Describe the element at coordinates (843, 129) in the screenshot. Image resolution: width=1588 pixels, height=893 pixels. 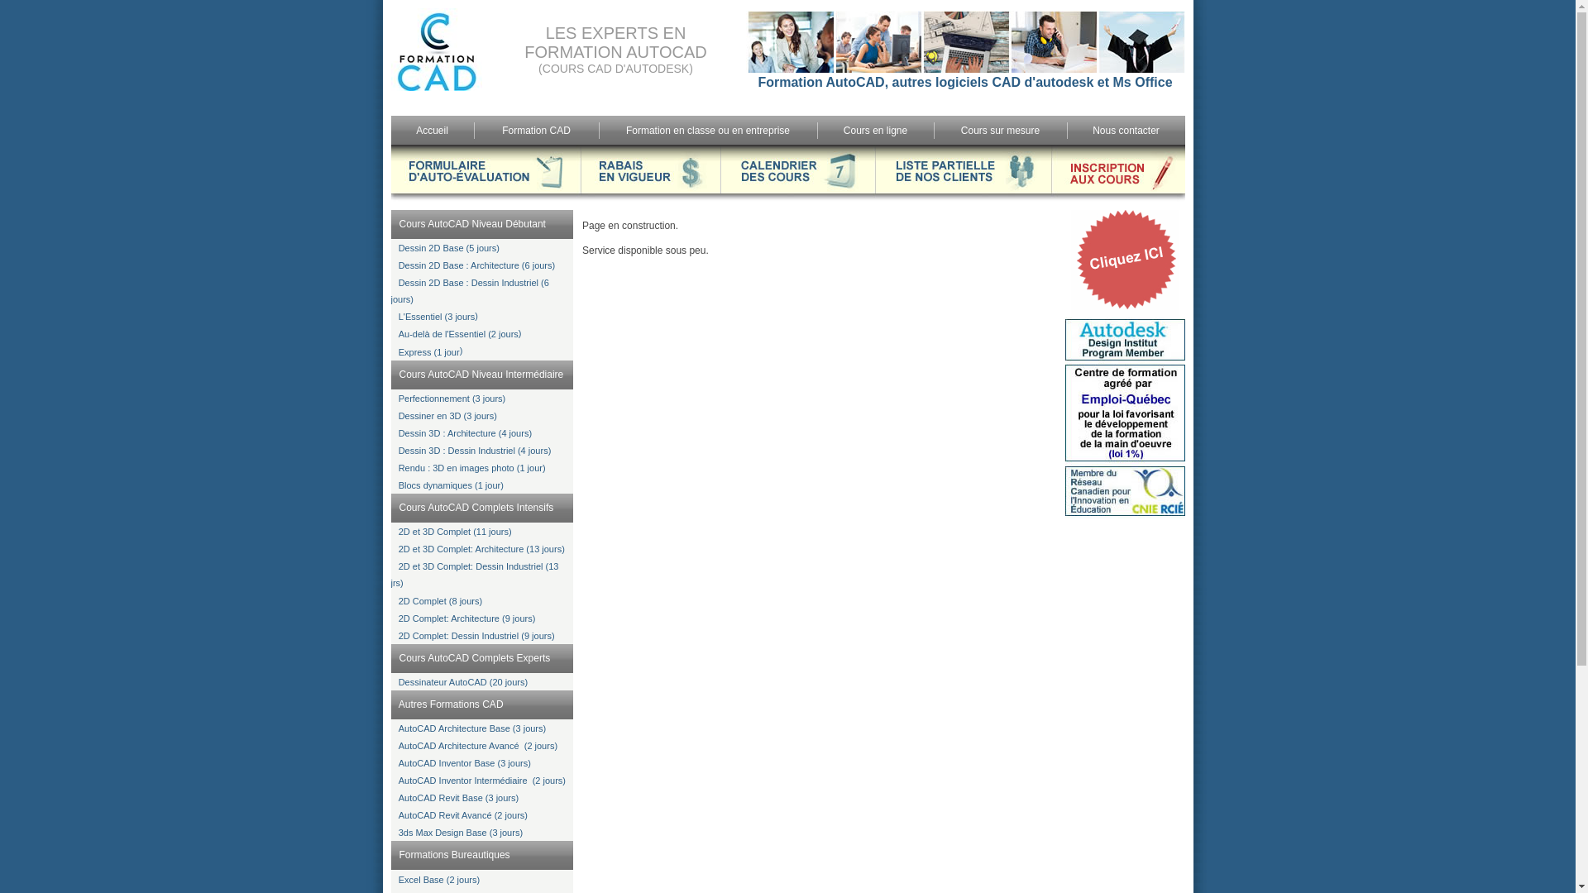
I see `'Cours en ligne'` at that location.